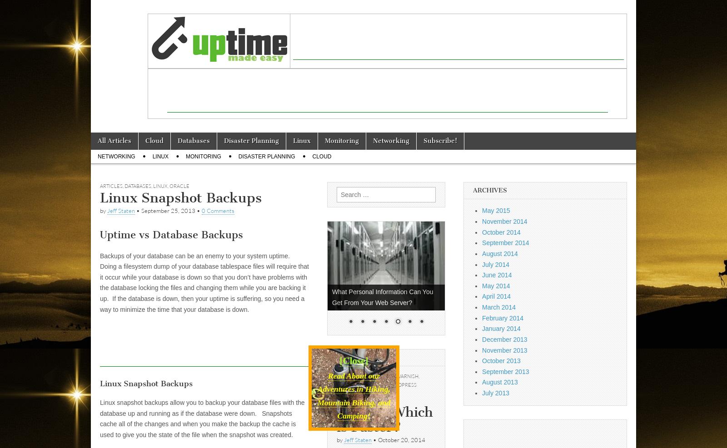  What do you see at coordinates (372, 384) in the screenshot?
I see `'Website'` at bounding box center [372, 384].